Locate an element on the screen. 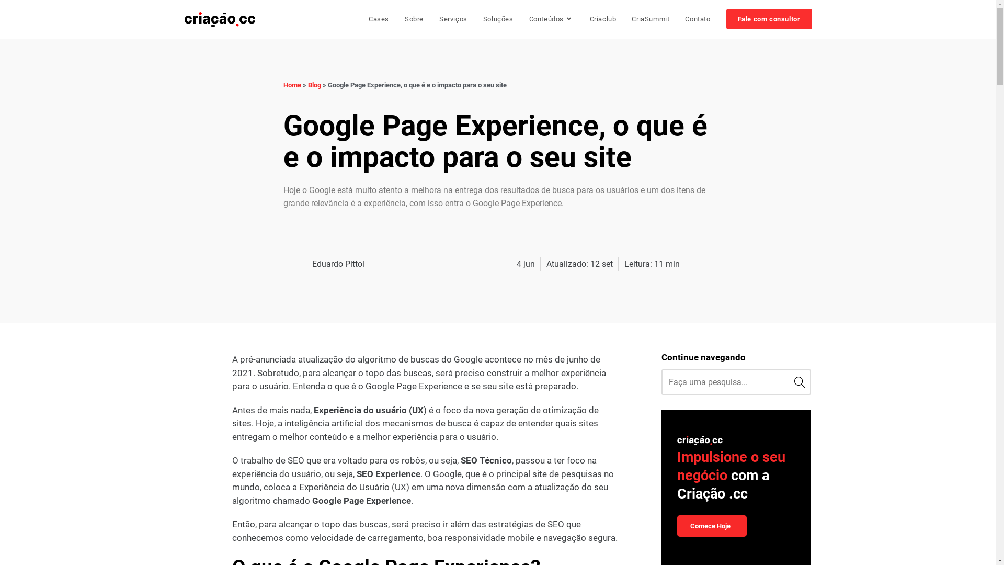  'Comece Hoje' is located at coordinates (711, 526).